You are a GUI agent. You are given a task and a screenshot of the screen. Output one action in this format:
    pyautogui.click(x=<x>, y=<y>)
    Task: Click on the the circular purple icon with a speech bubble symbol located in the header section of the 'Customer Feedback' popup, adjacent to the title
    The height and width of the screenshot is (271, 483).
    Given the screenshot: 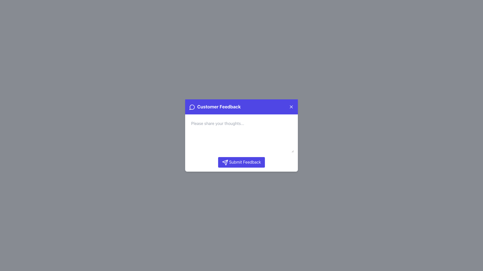 What is the action you would take?
    pyautogui.click(x=192, y=107)
    